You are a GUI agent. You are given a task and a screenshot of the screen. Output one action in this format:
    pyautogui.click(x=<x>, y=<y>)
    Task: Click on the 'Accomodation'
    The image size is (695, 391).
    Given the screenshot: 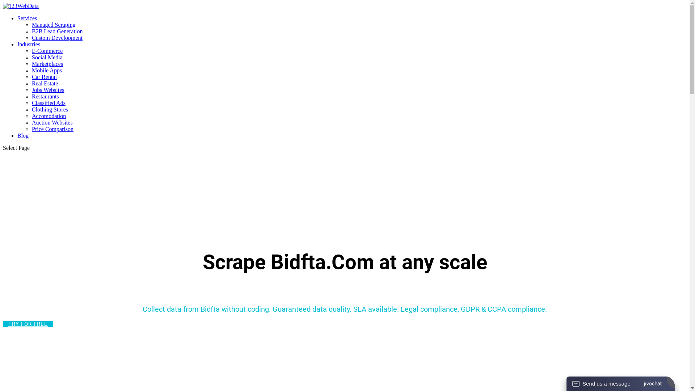 What is the action you would take?
    pyautogui.click(x=48, y=115)
    